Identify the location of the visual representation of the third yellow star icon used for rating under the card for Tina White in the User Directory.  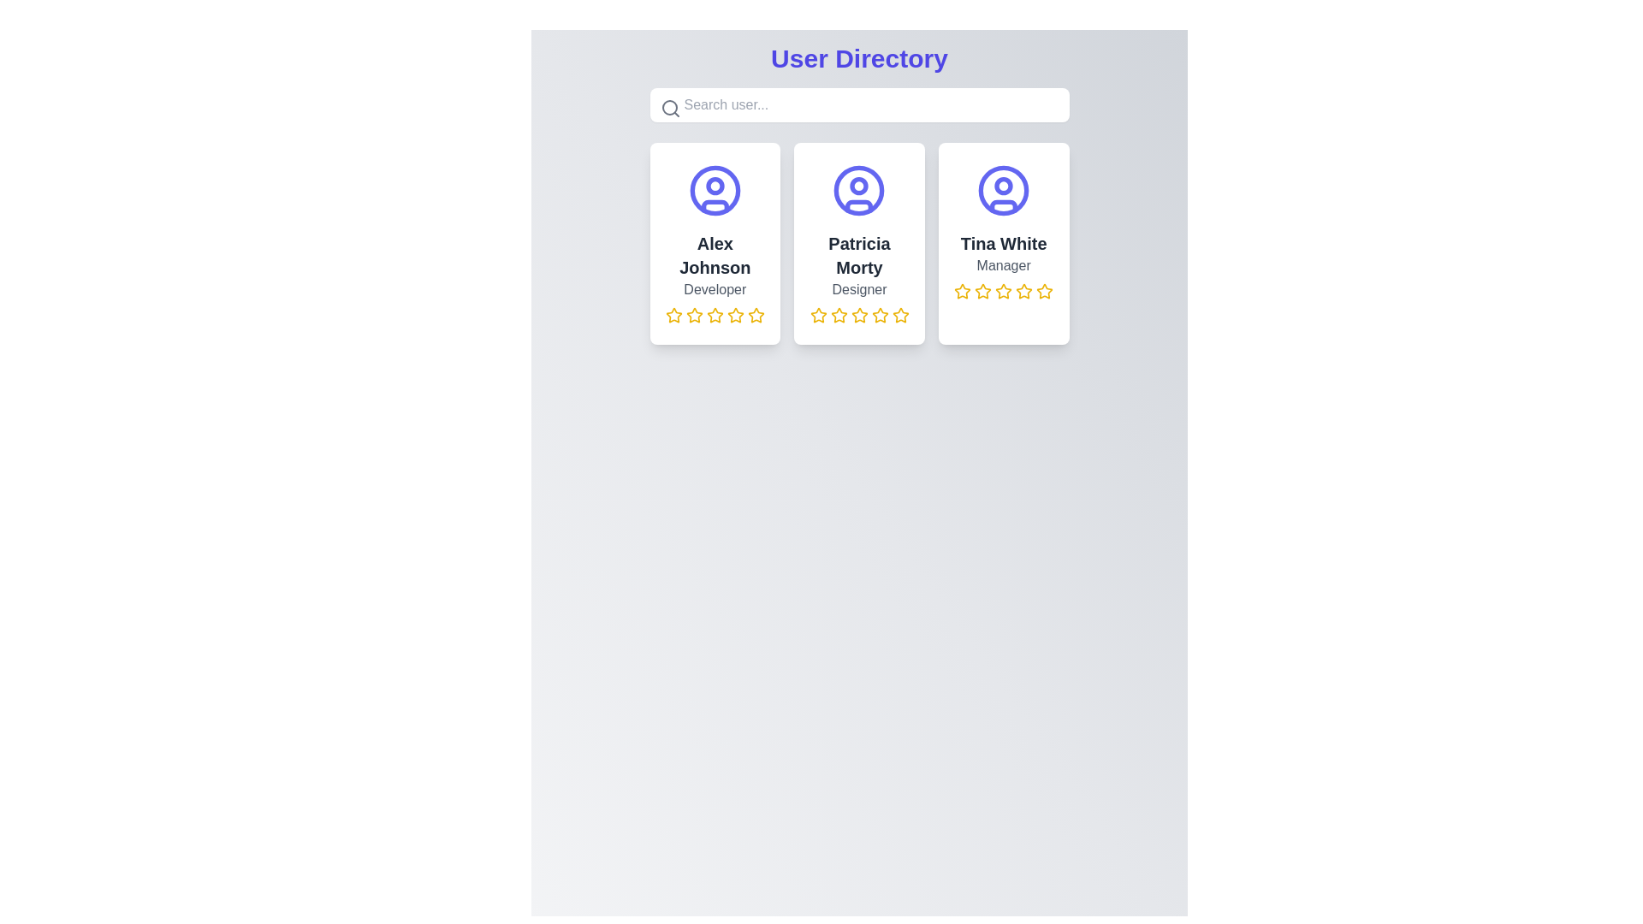
(983, 290).